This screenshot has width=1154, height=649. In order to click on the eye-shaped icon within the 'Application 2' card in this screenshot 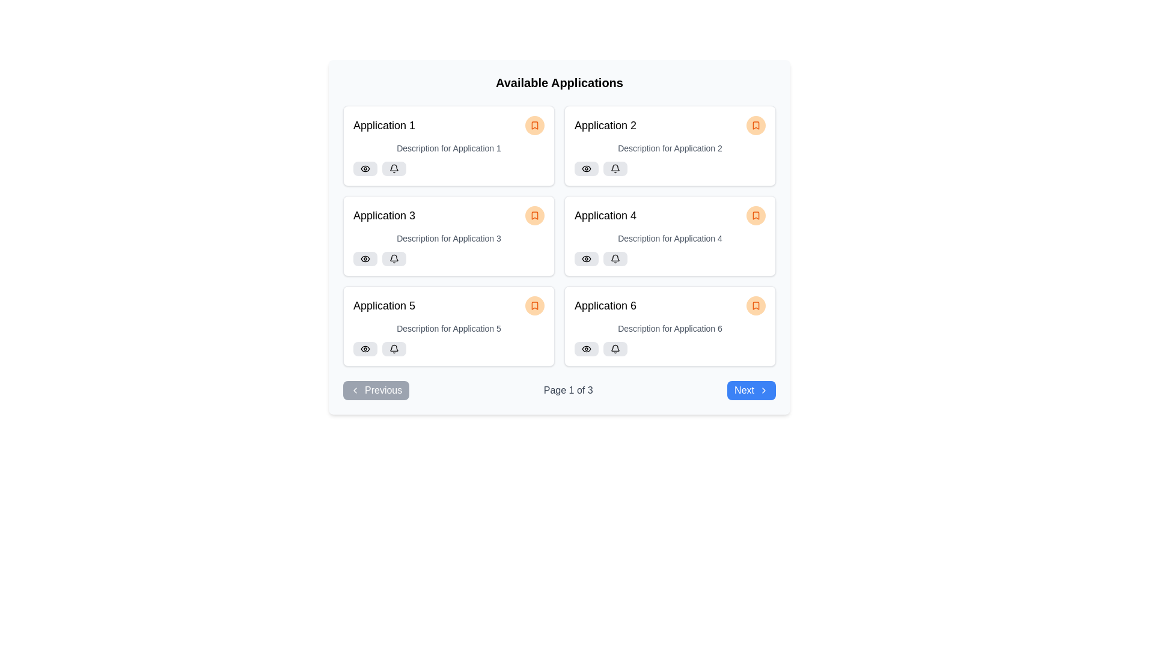, I will do `click(586, 169)`.